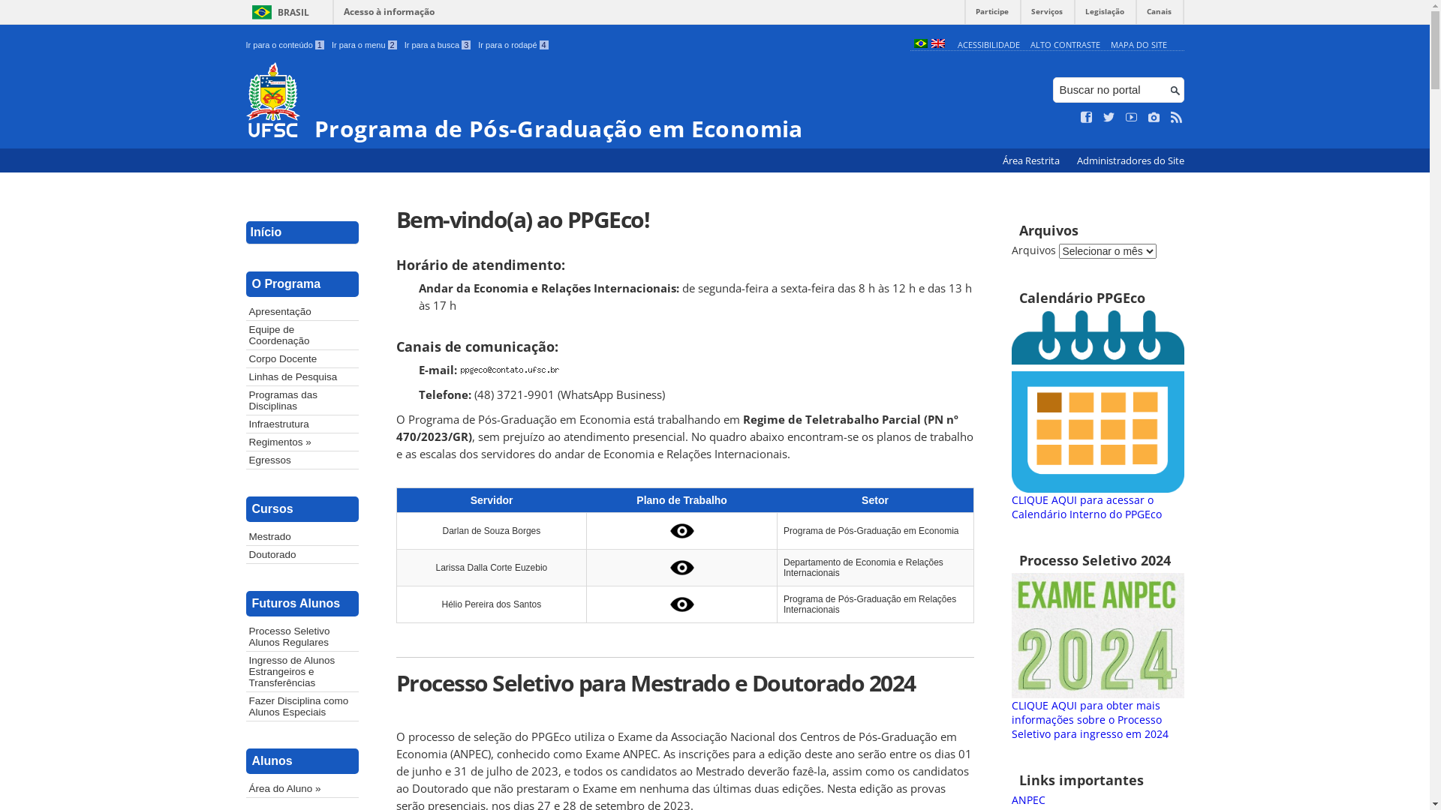  What do you see at coordinates (364, 44) in the screenshot?
I see `'Ir para o menu 2'` at bounding box center [364, 44].